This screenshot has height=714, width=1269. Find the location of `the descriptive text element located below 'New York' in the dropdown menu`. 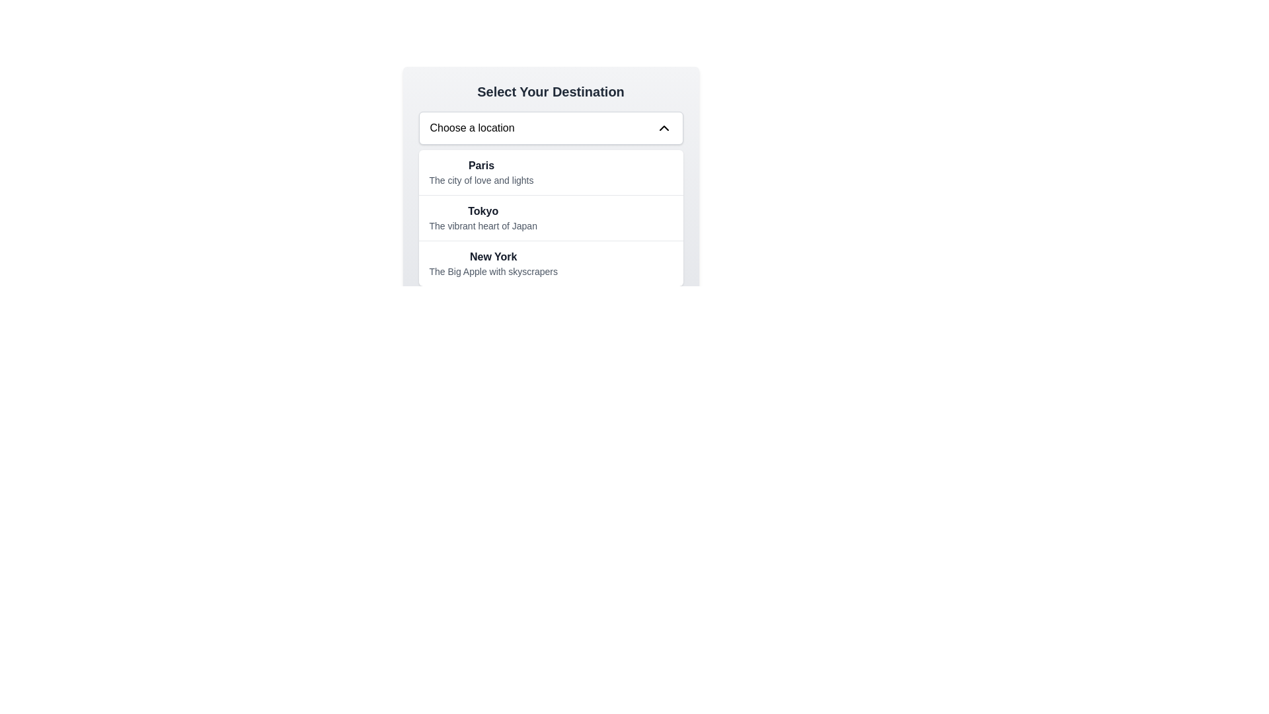

the descriptive text element located below 'New York' in the dropdown menu is located at coordinates (492, 271).